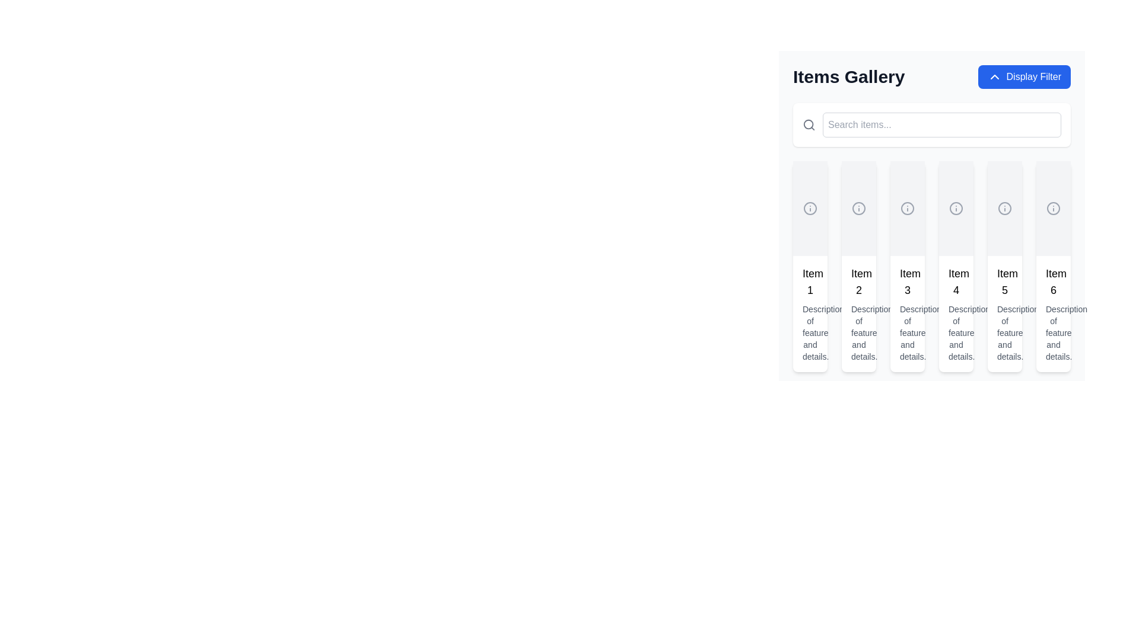 The width and height of the screenshot is (1139, 640). What do you see at coordinates (1023, 77) in the screenshot?
I see `the blue rectangular button labeled 'Display Filter' with an upward-pointing chevron icon` at bounding box center [1023, 77].